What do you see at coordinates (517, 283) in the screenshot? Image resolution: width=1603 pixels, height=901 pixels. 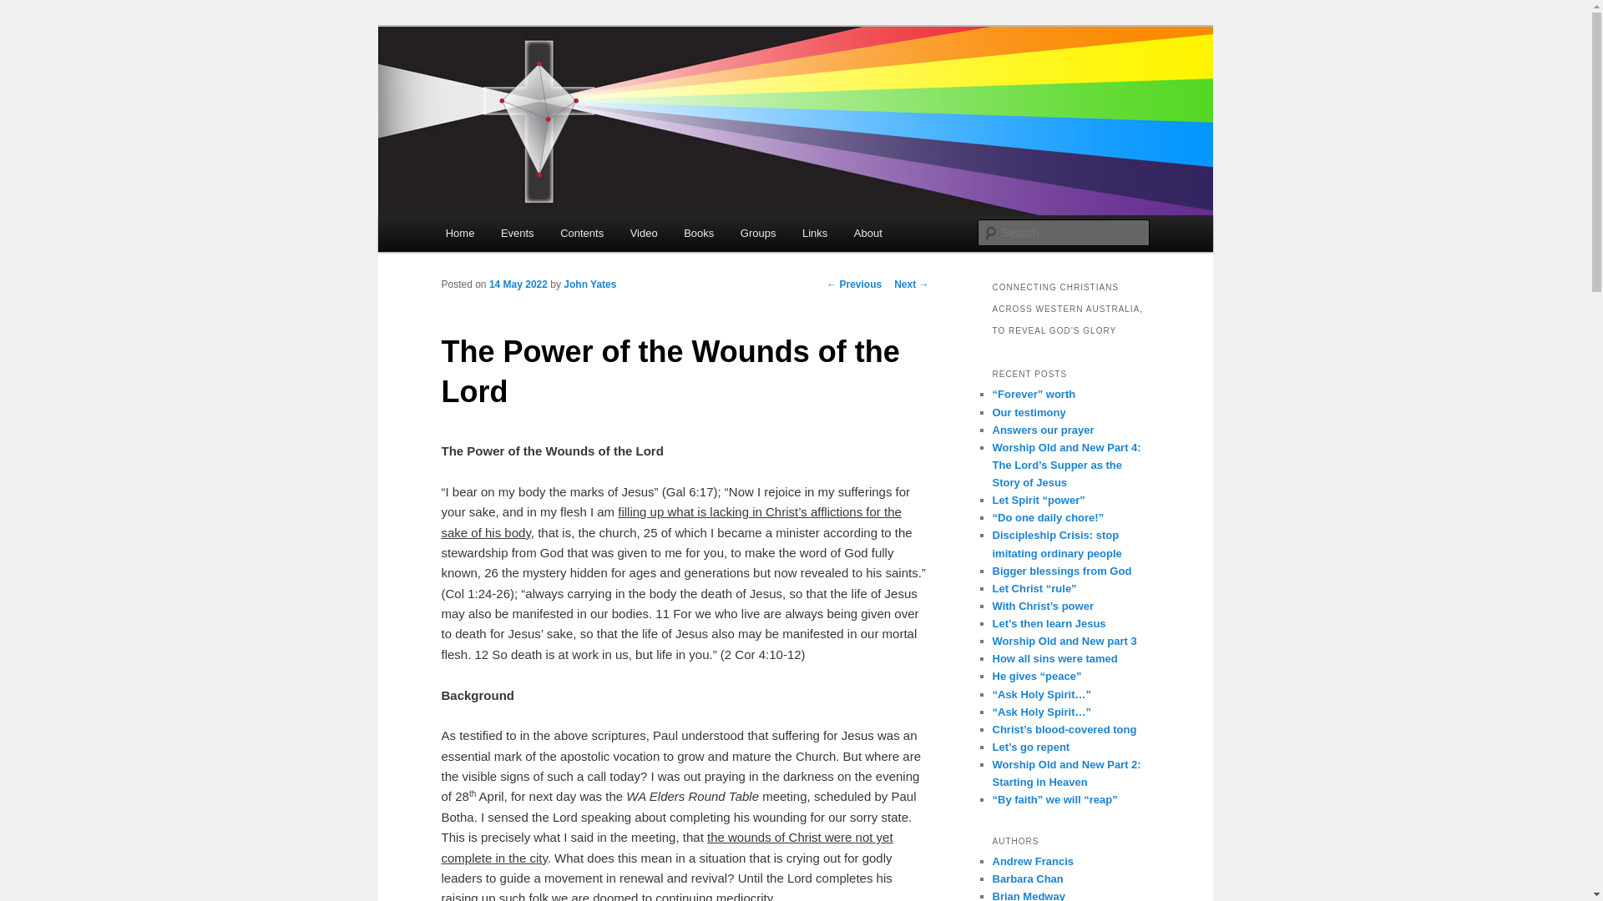 I see `'14 May 2022'` at bounding box center [517, 283].